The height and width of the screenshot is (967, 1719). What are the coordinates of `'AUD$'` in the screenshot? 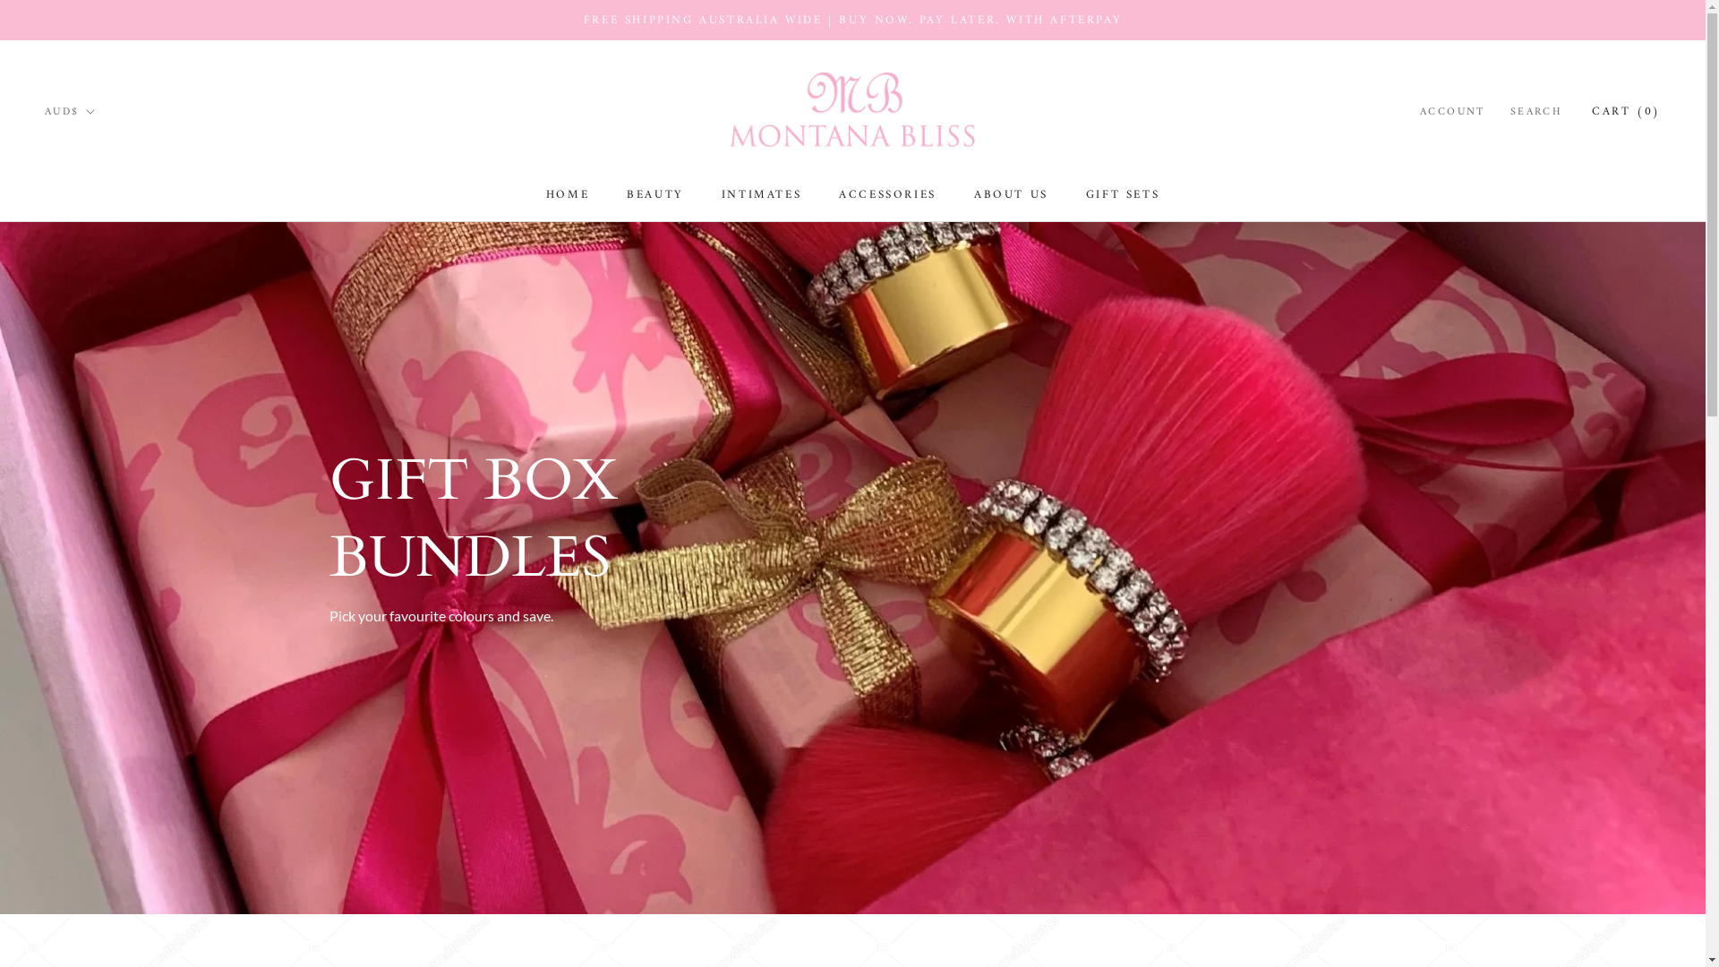 It's located at (70, 113).